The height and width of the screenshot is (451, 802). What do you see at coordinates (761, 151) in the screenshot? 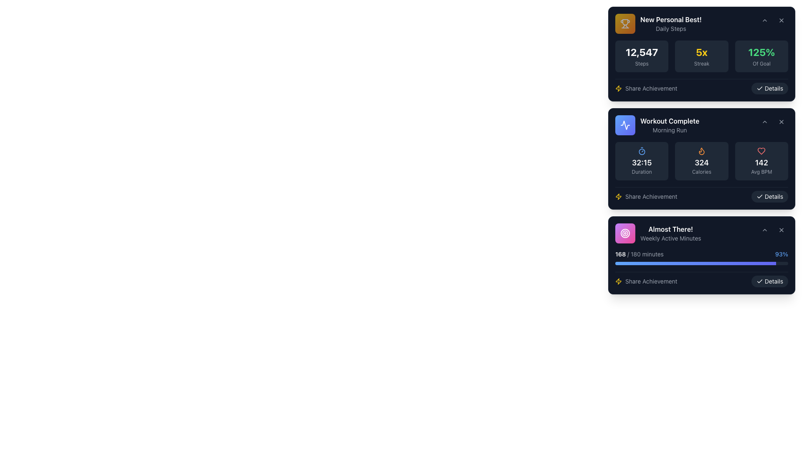
I see `the heart-shaped icon with a red border, located in the 'Workout Complete: Morning Run' card, positioned above the '142 Avg BPM' text` at bounding box center [761, 151].